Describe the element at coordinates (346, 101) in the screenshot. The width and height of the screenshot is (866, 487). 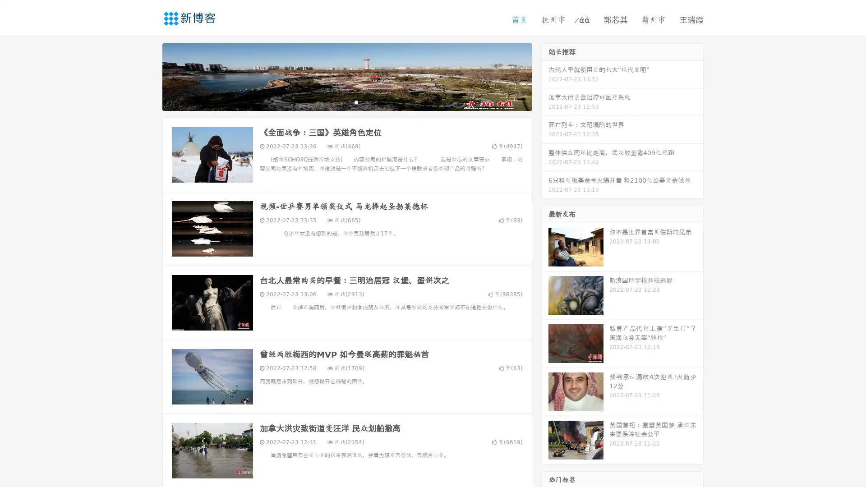
I see `Go to slide 2` at that location.